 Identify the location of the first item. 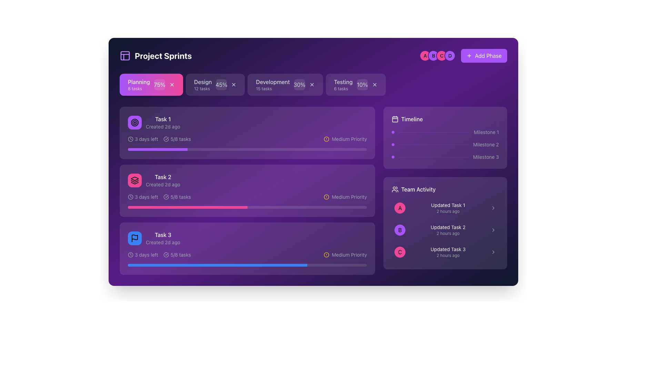
(445, 208).